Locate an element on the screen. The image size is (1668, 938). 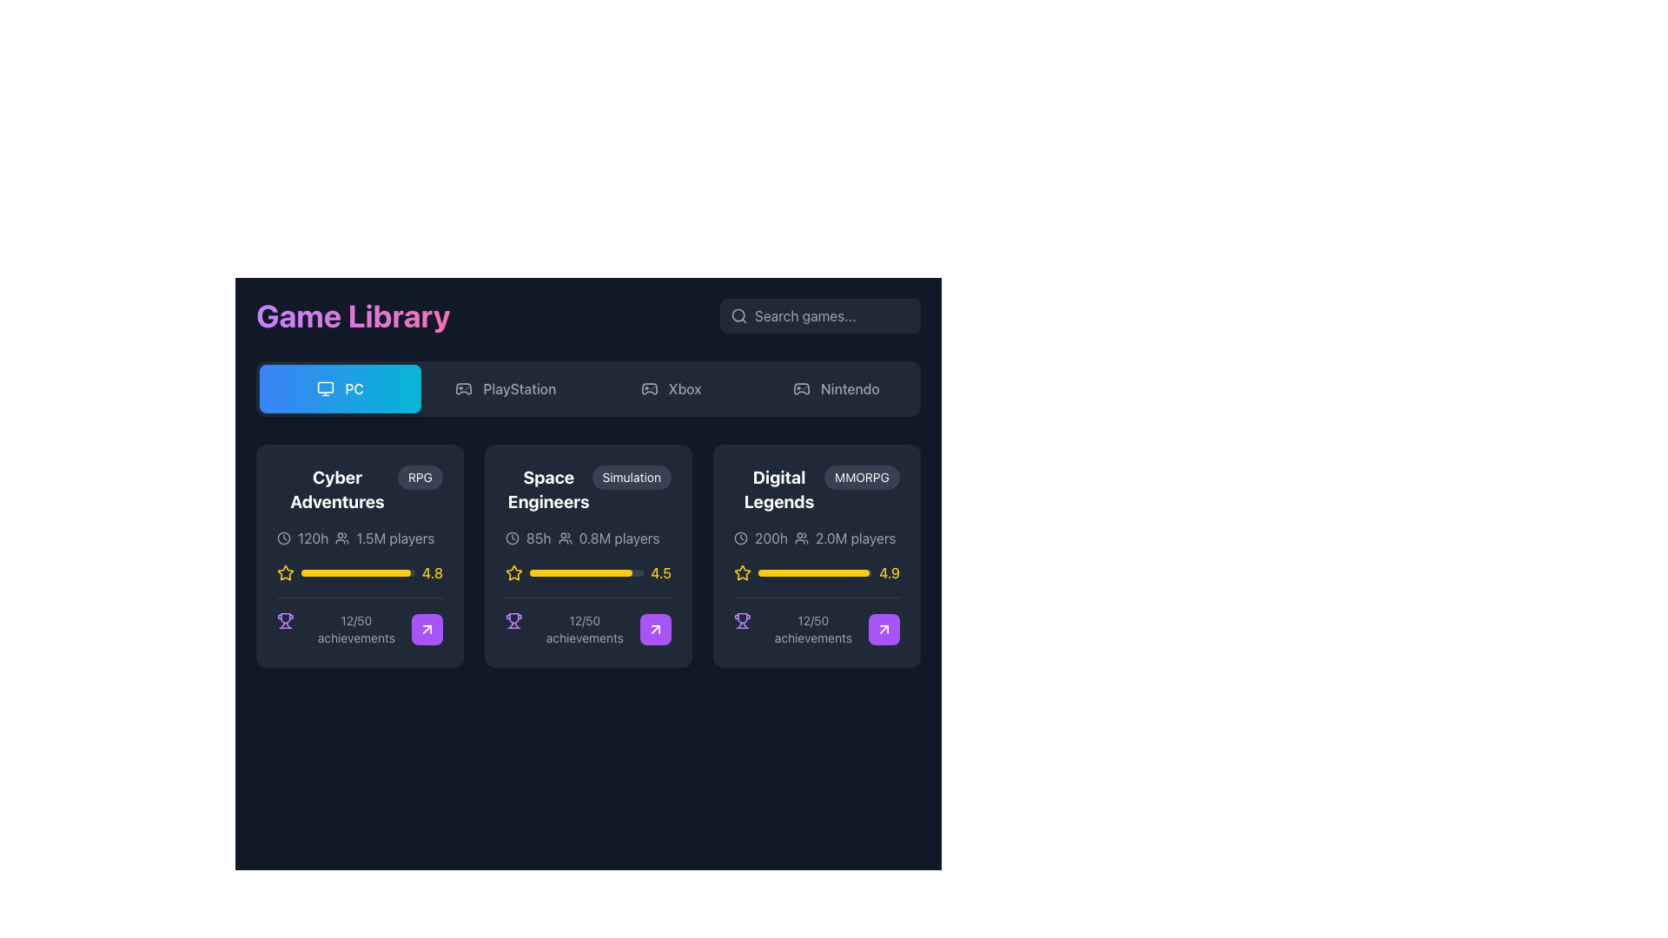
the small purple square icon with an upward-right-pointing arrow located at the bottom-right corner of the 'Cyber Adventures' card in the 'Game Library' section is located at coordinates (427, 630).